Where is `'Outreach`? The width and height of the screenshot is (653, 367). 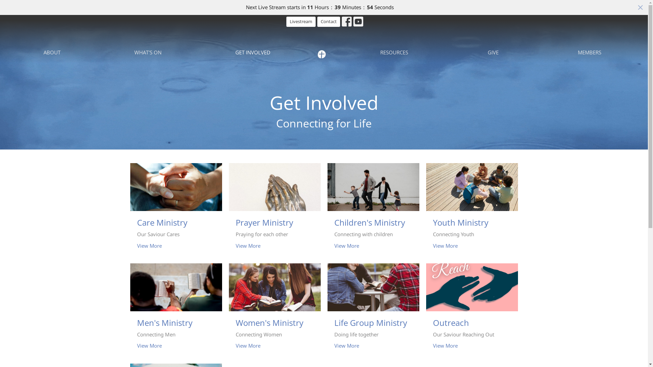
'Outreach is located at coordinates (471, 310).